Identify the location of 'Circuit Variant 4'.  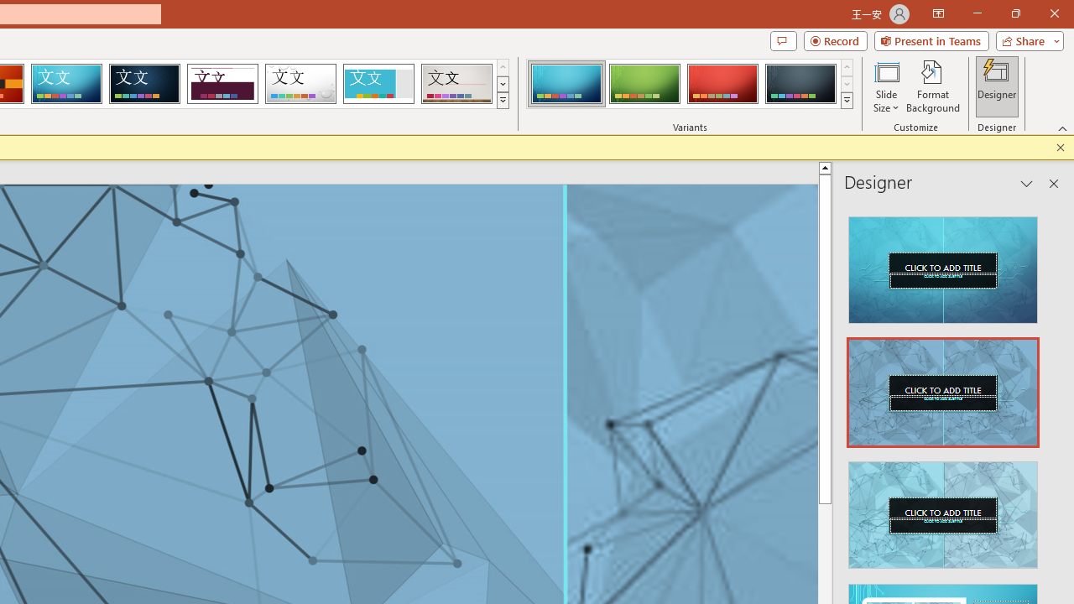
(800, 84).